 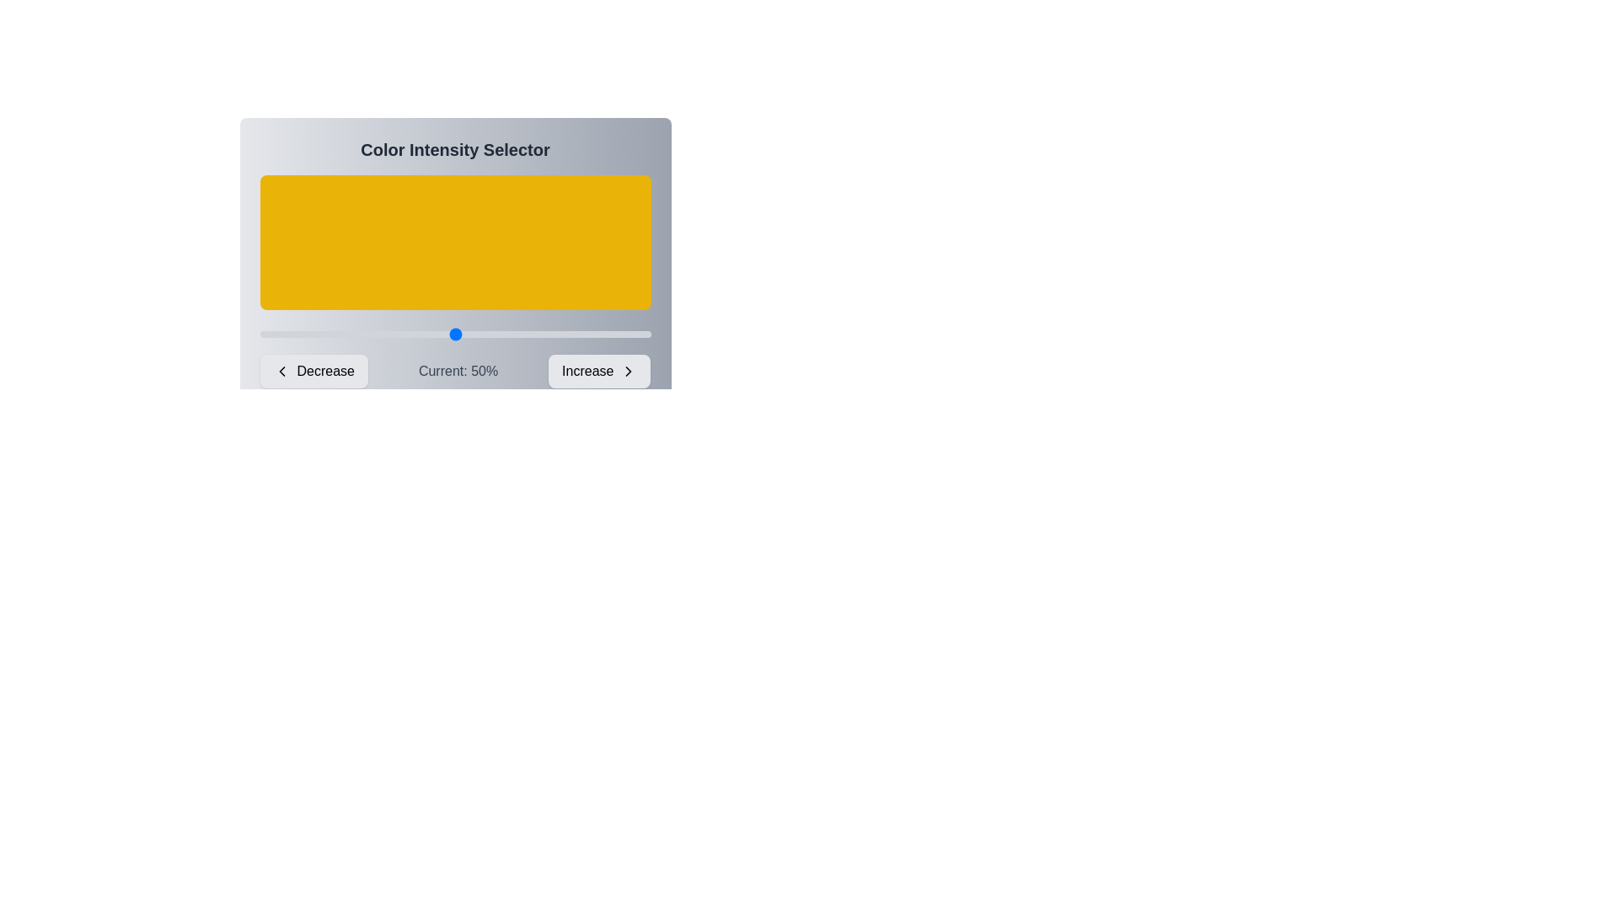 I want to click on the leftmost button in the group of three elements (Decrease, Current: 50%, Increase) located at the bottom of the interface to decrease the value, so click(x=313, y=370).